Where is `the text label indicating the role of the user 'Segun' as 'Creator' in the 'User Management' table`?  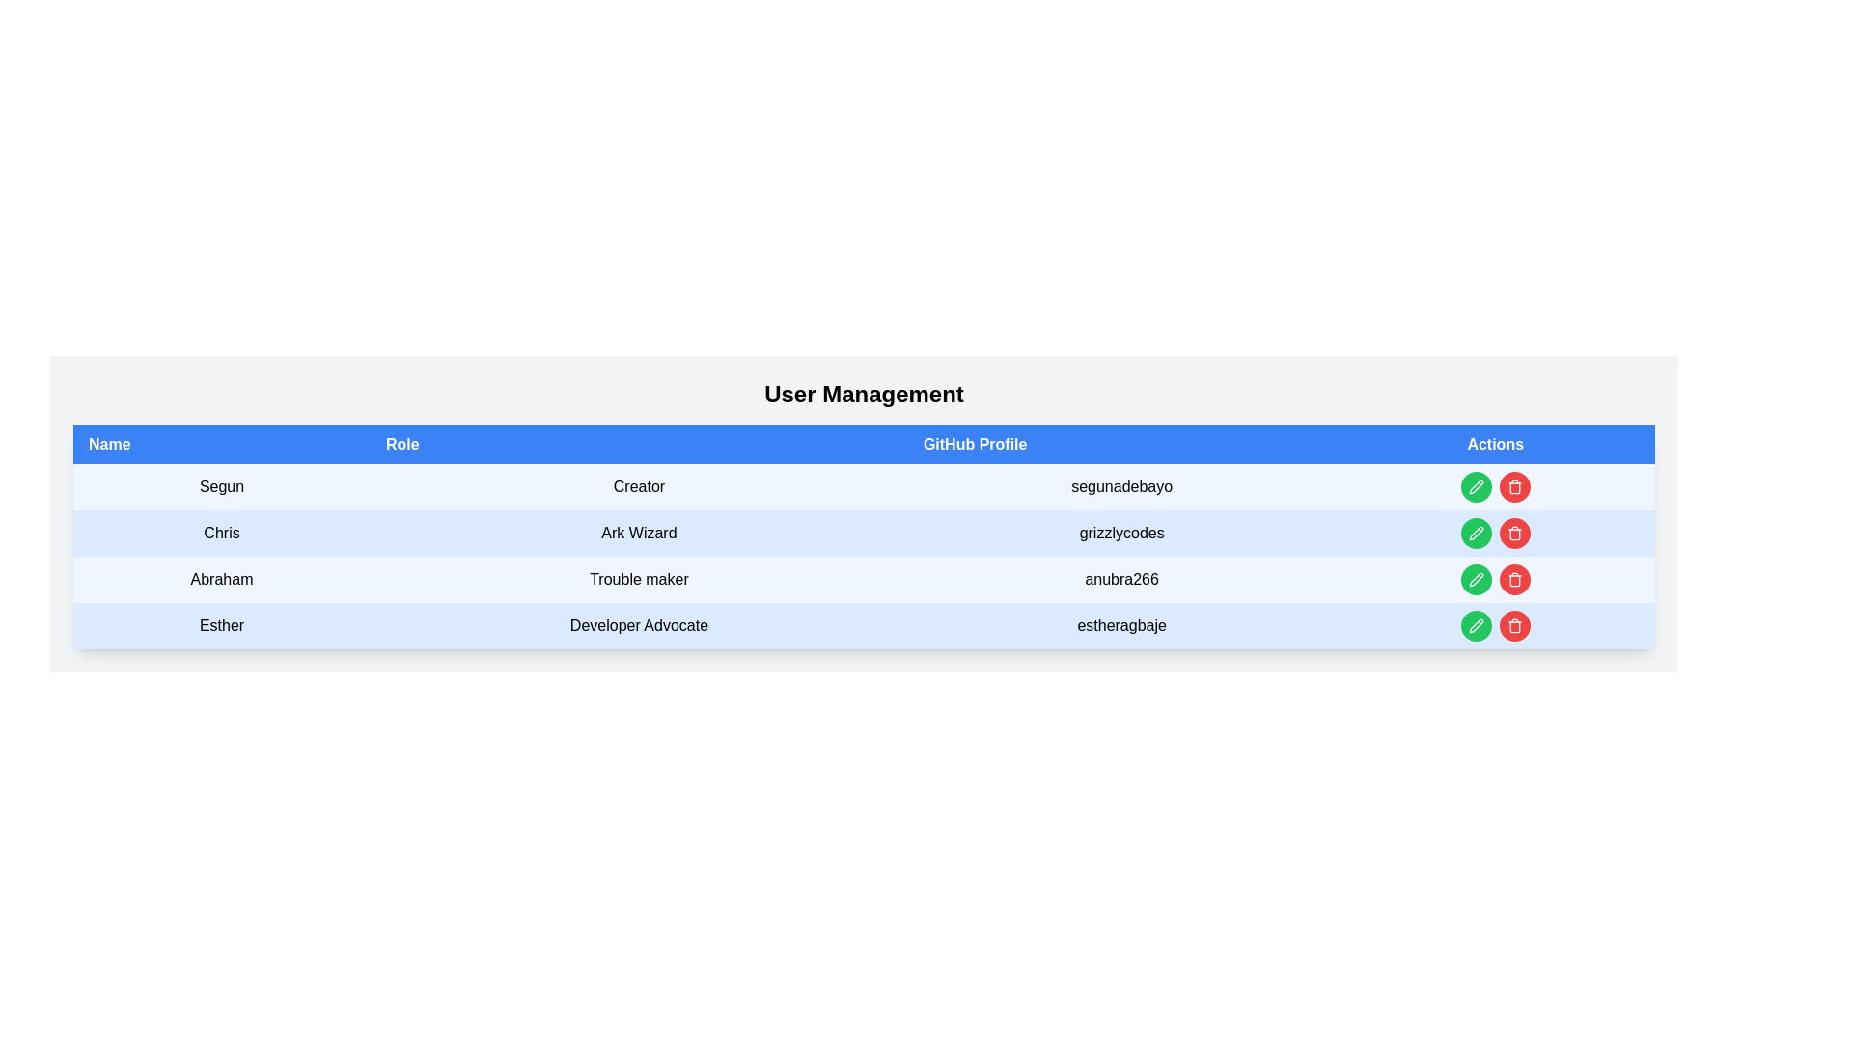 the text label indicating the role of the user 'Segun' as 'Creator' in the 'User Management' table is located at coordinates (639, 486).